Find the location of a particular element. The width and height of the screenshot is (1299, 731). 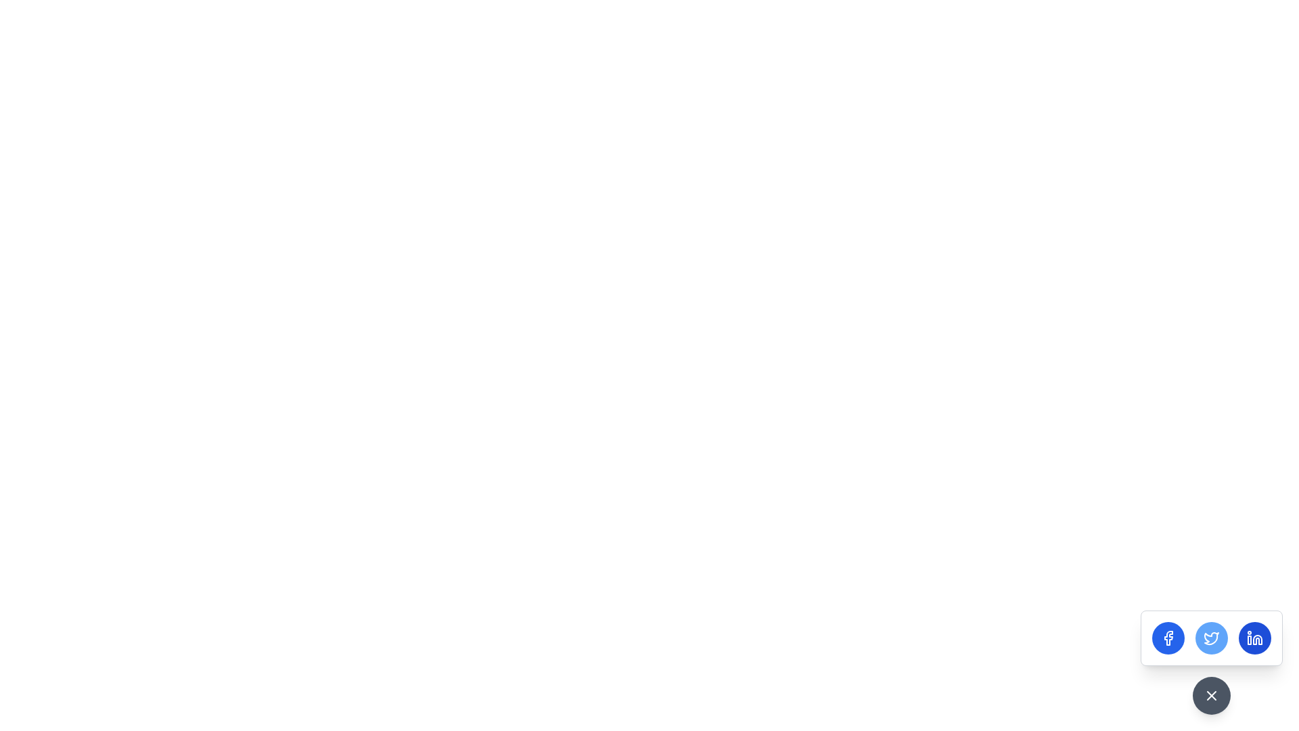

the 'X' icon button, which is a white icon on a circular dark gray background located in the bottom-right corner of the interface is located at coordinates (1211, 696).